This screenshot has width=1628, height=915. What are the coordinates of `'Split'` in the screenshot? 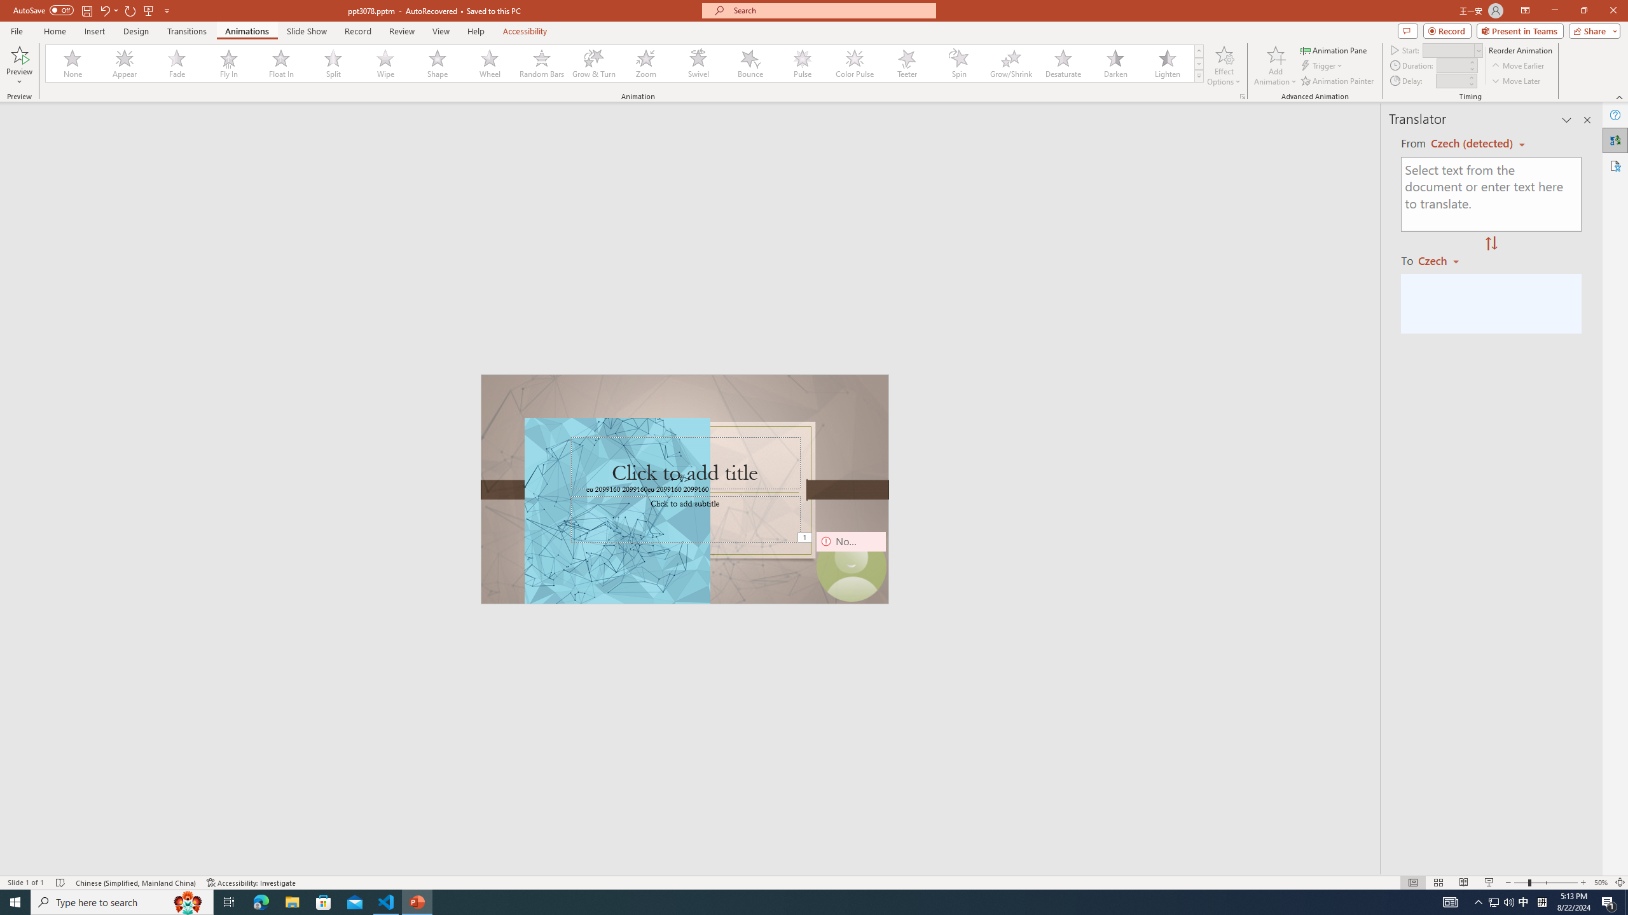 It's located at (333, 63).